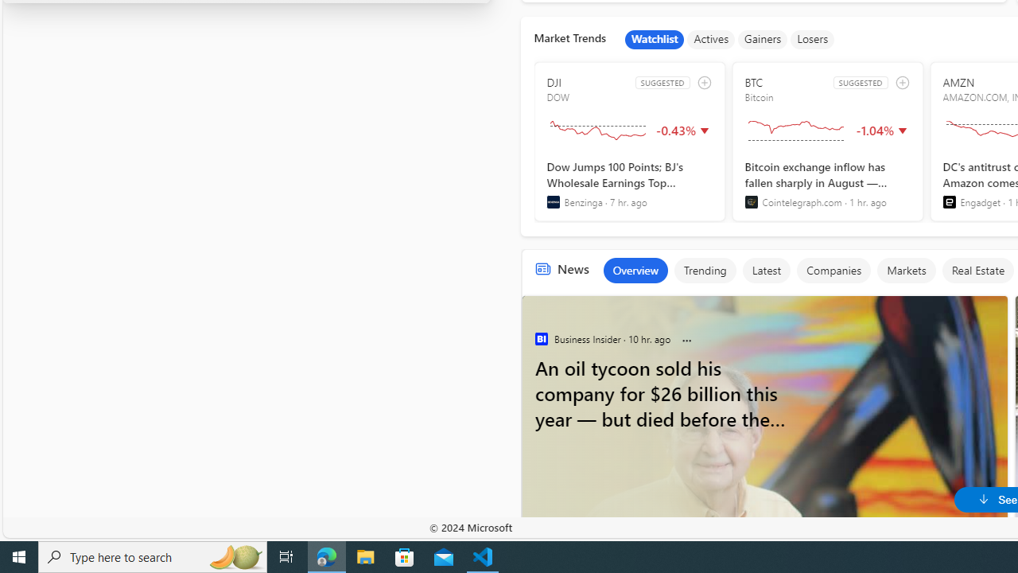 The width and height of the screenshot is (1018, 573). I want to click on 'Latest', so click(766, 269).